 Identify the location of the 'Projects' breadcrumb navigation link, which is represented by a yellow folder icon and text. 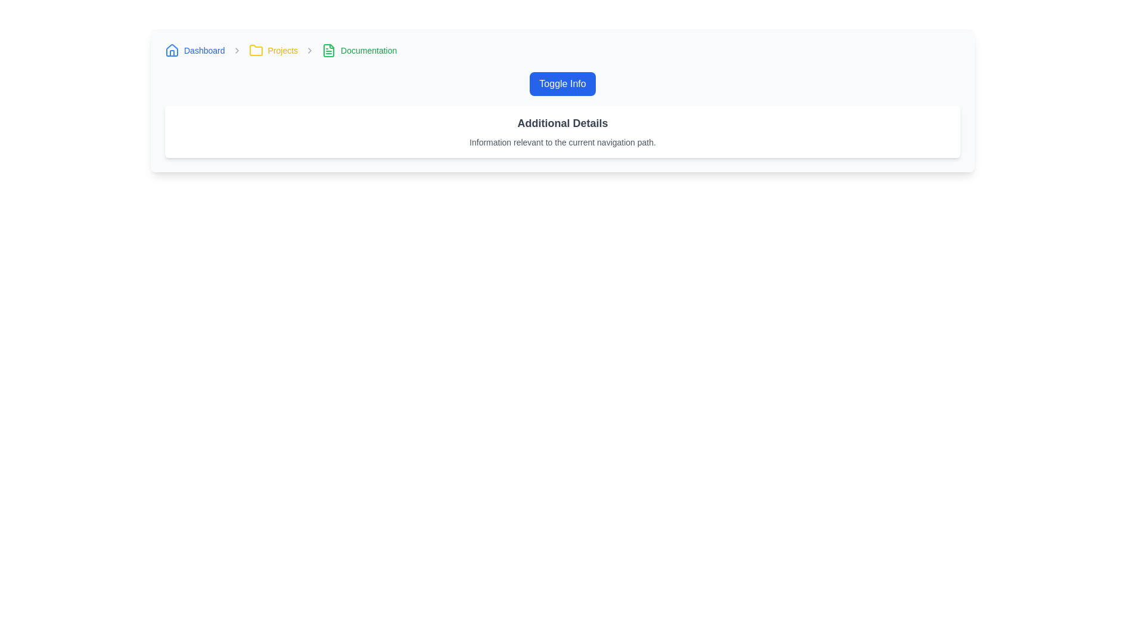
(272, 49).